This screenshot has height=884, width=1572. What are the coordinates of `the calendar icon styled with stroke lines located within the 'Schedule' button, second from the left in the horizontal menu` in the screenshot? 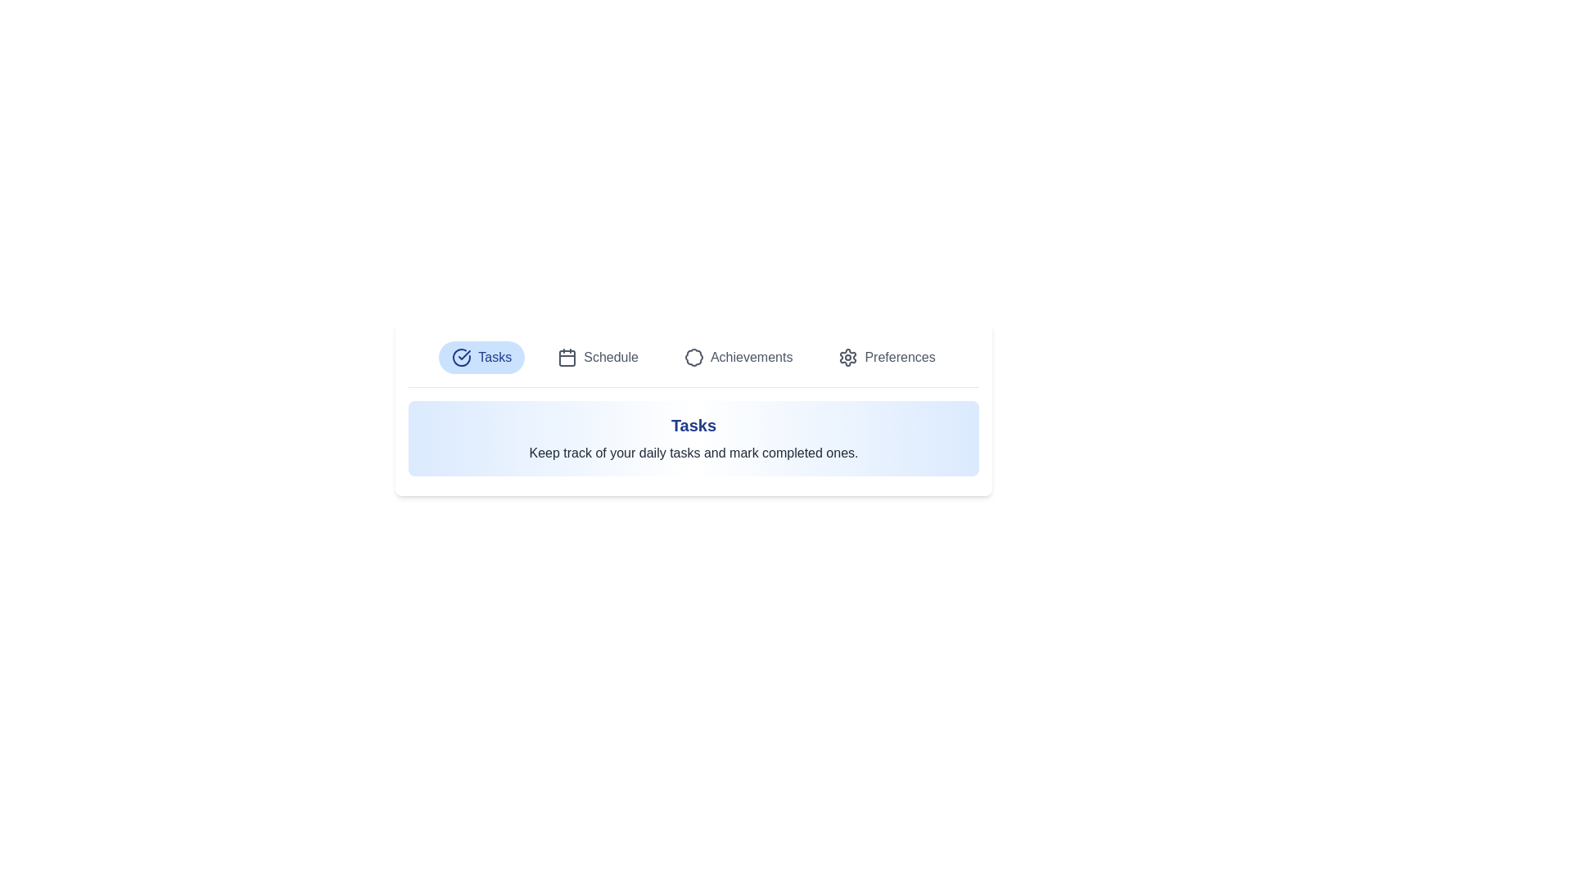 It's located at (567, 356).